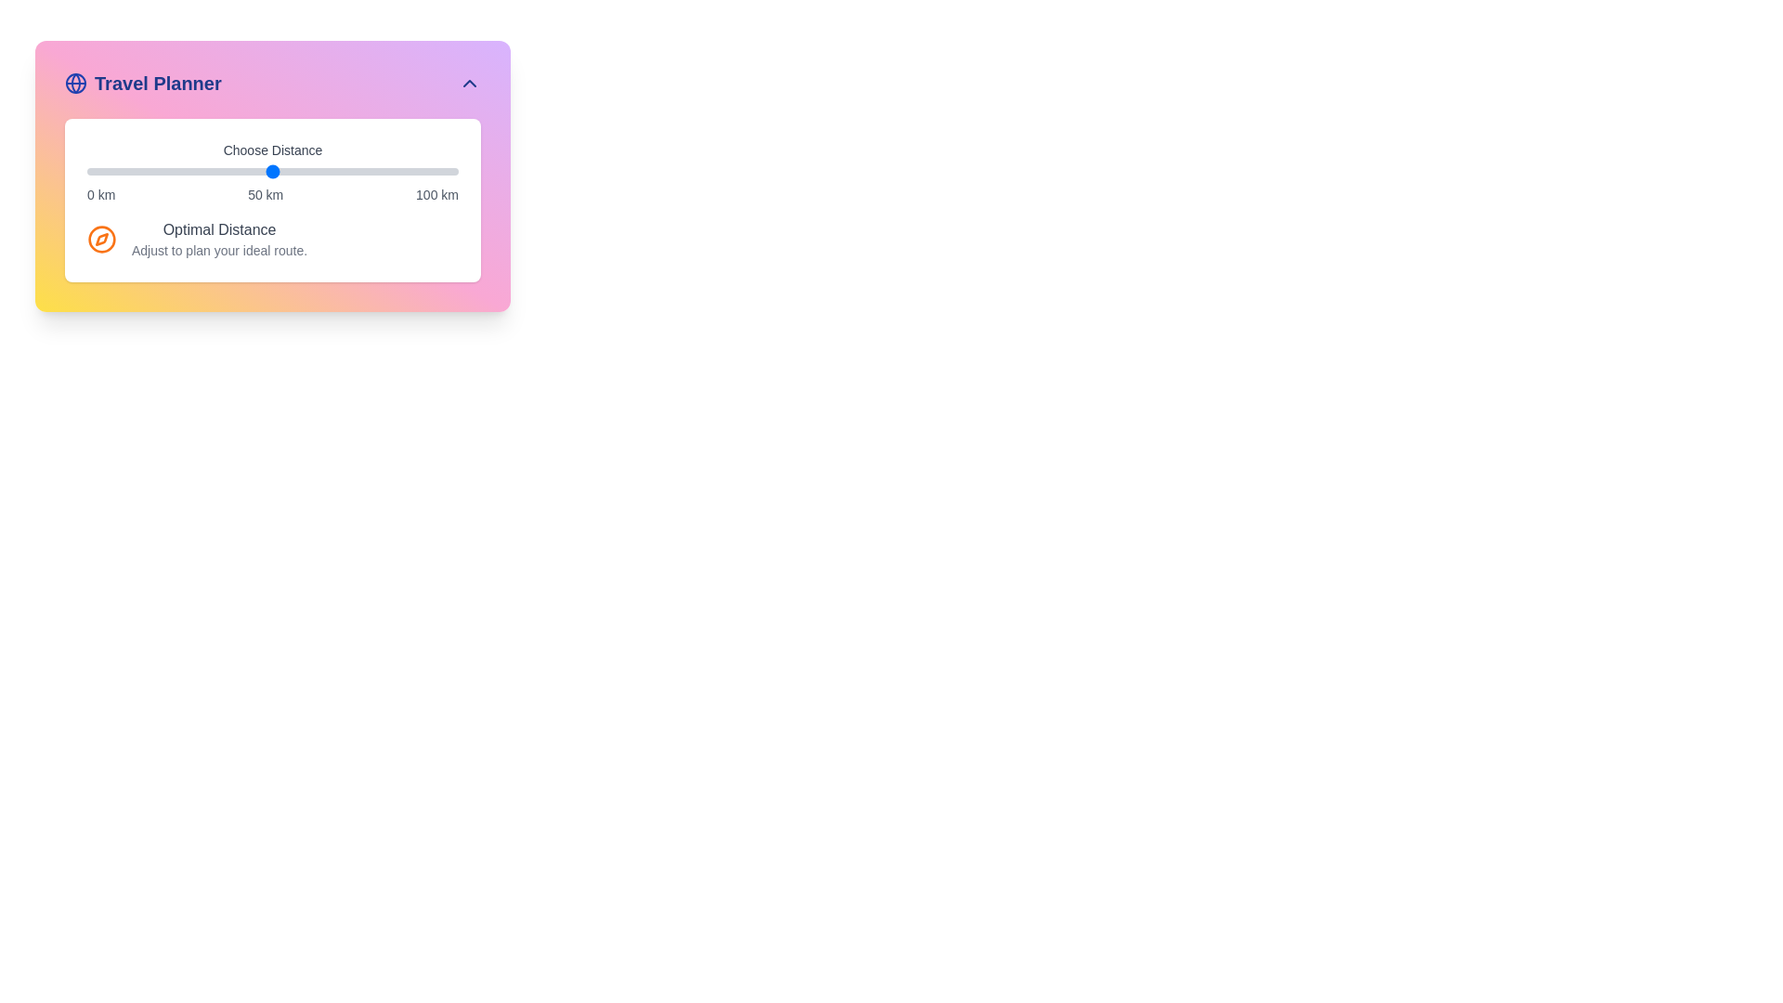  Describe the element at coordinates (417, 172) in the screenshot. I see `the distance slider` at that location.